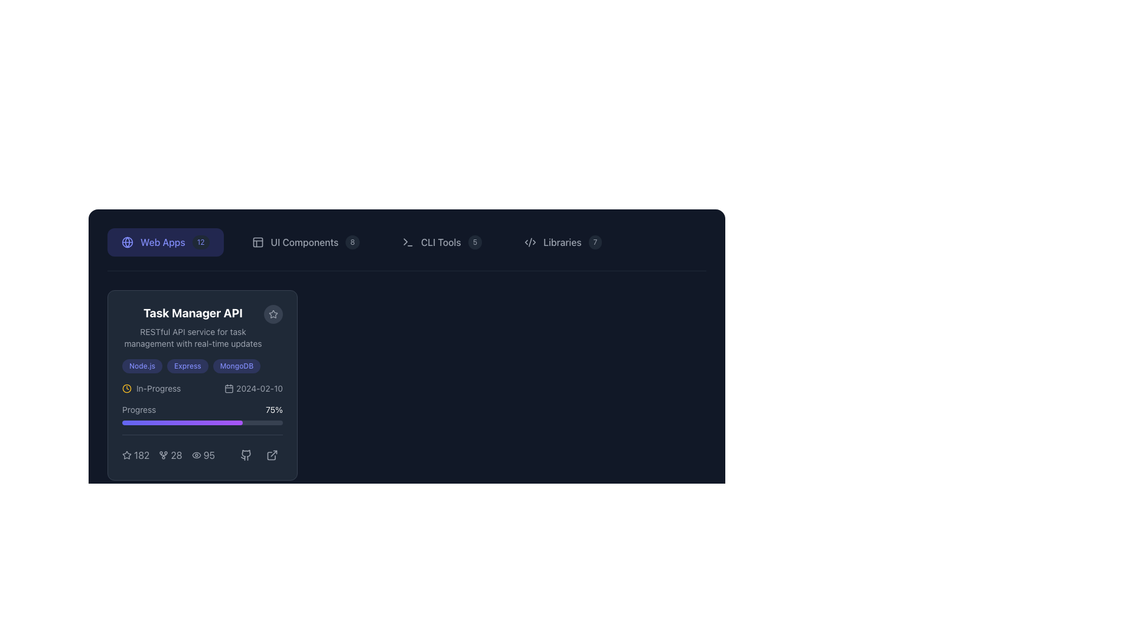 The image size is (1134, 637). Describe the element at coordinates (236, 366) in the screenshot. I see `the pill-shaped label displaying 'MongoDB' in light indigo color, which is the third item in the horizontal list of labels within the 'Task Manager API' card` at that location.